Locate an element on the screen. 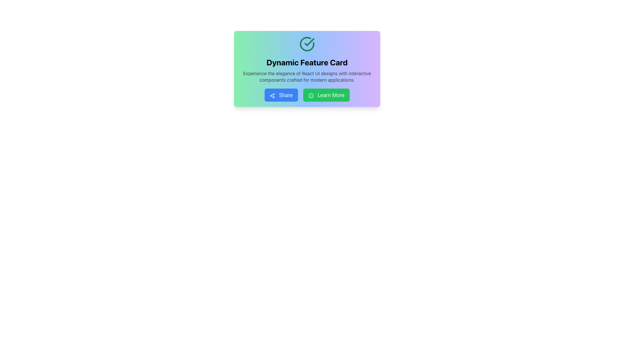 Image resolution: width=628 pixels, height=353 pixels. the share button located on the left side of a horizontal group of two buttons at the bottom center of the card is located at coordinates (281, 95).